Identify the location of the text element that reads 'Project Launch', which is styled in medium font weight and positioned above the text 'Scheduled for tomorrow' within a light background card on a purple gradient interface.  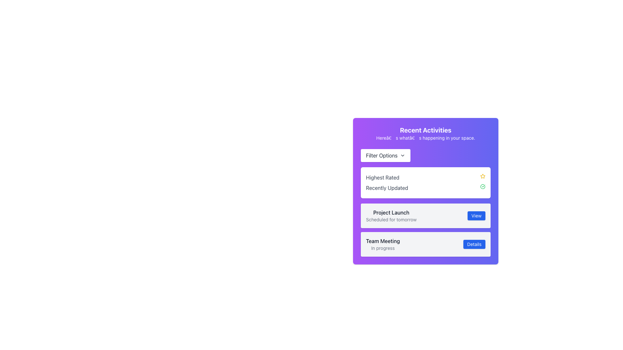
(391, 212).